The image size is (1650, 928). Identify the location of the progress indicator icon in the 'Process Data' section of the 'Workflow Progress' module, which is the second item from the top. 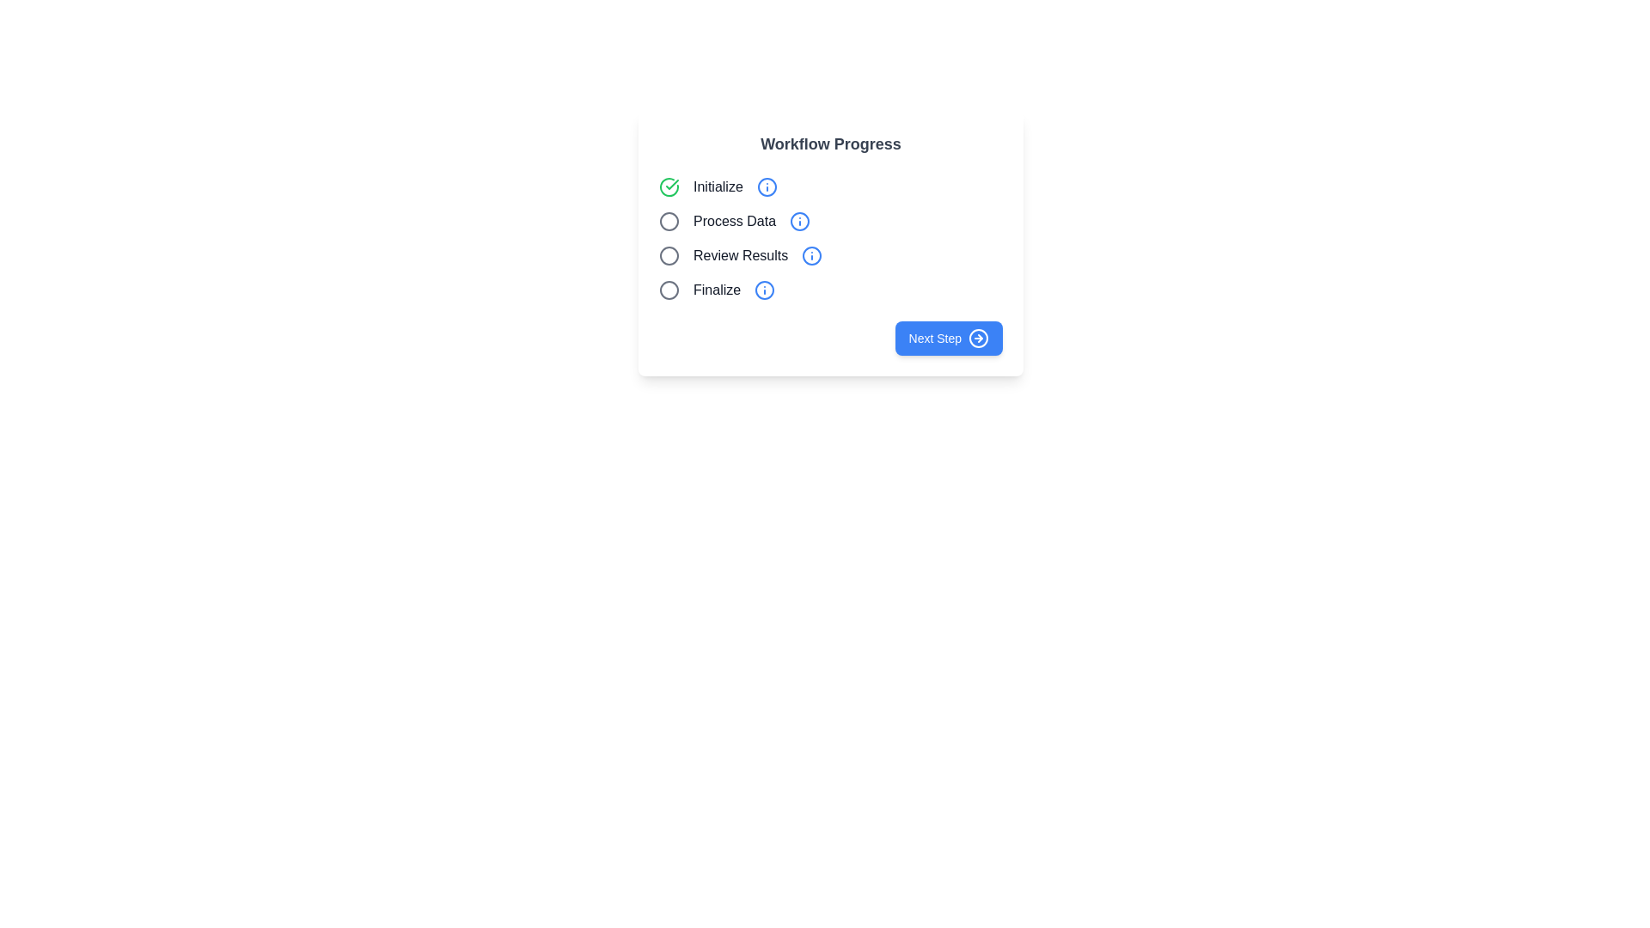
(799, 221).